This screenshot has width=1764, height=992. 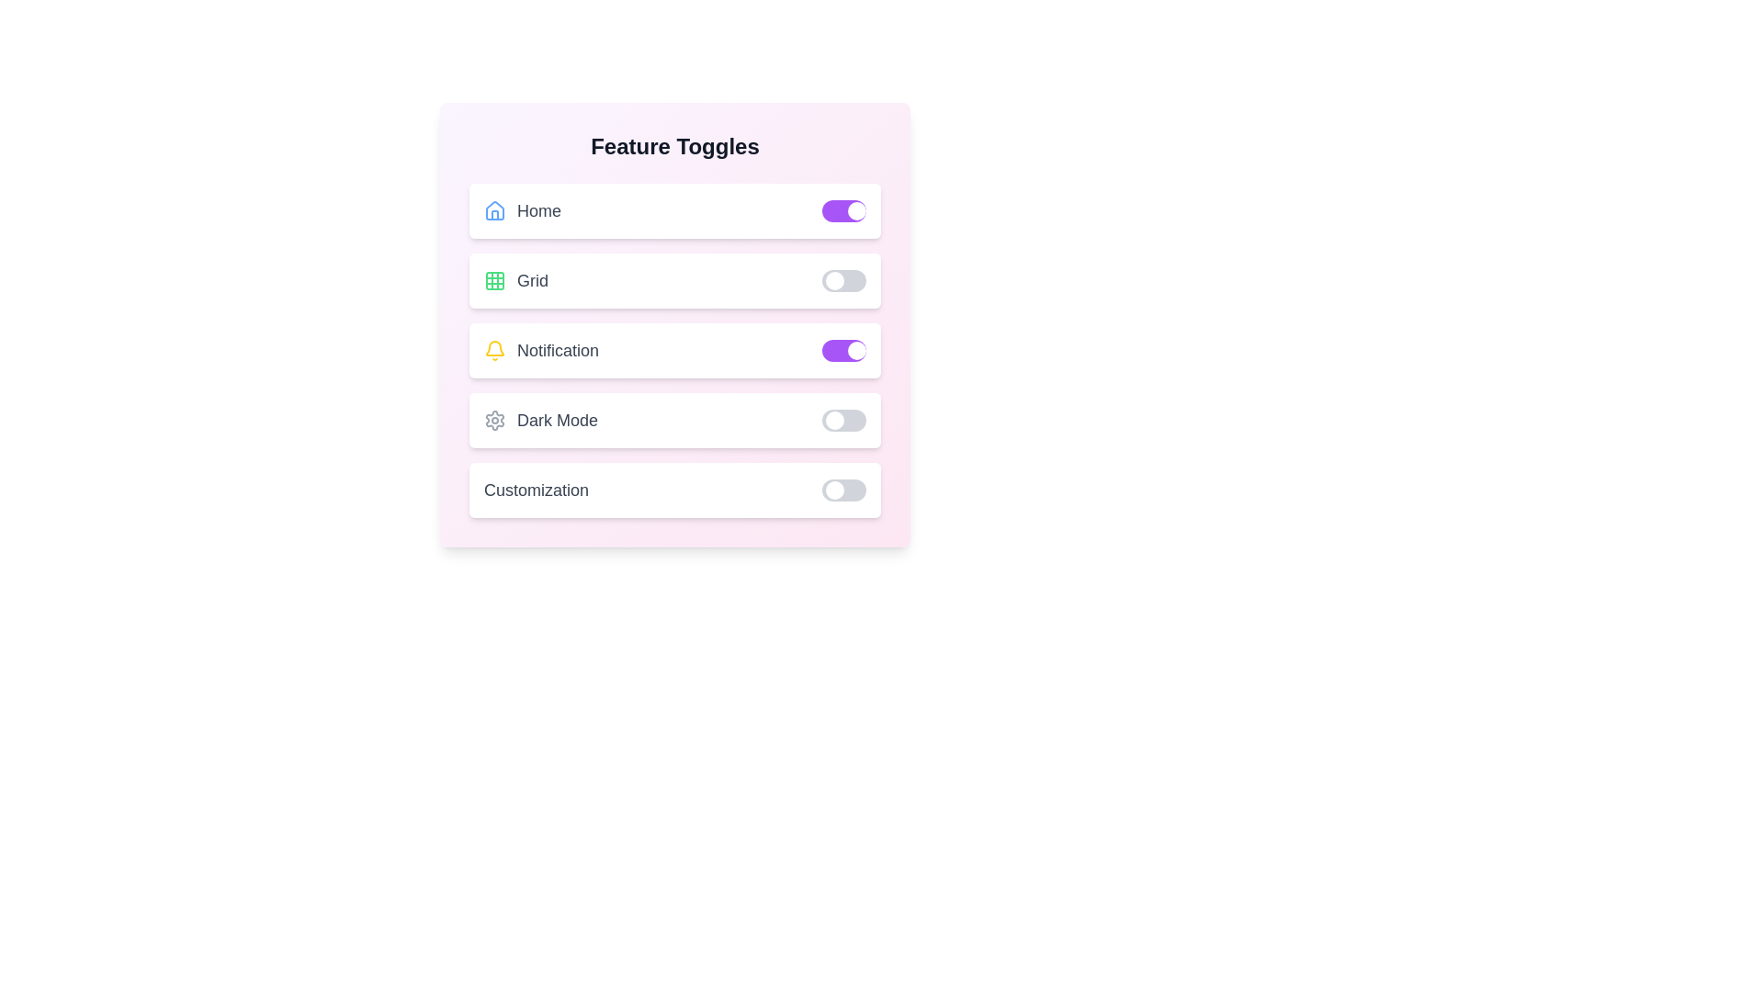 What do you see at coordinates (842, 280) in the screenshot?
I see `the toggle switch associated with the 'Grid' option` at bounding box center [842, 280].